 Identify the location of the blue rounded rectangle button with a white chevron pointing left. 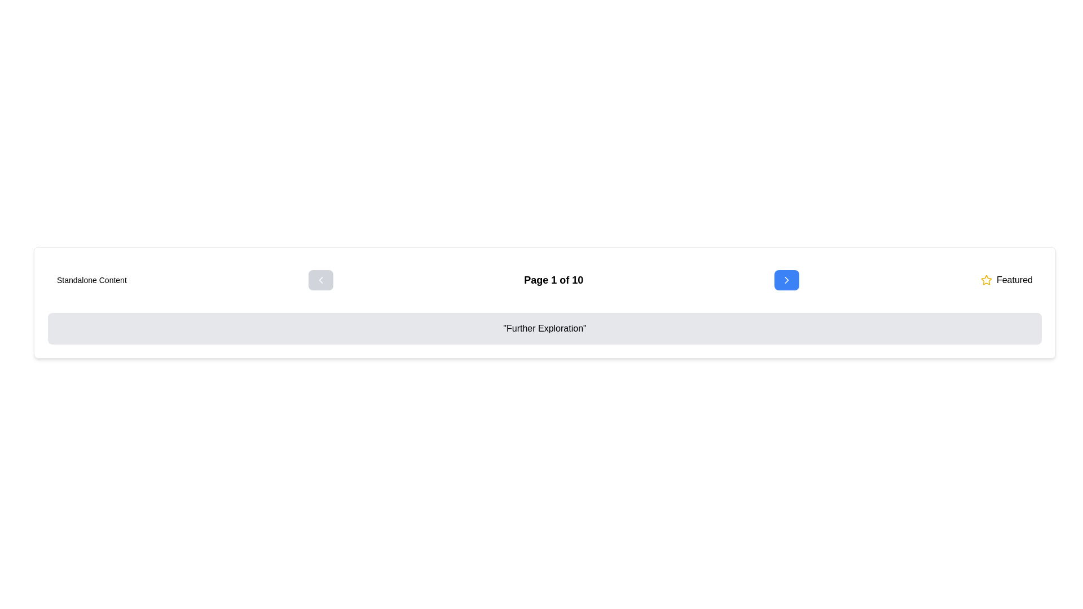
(320, 280).